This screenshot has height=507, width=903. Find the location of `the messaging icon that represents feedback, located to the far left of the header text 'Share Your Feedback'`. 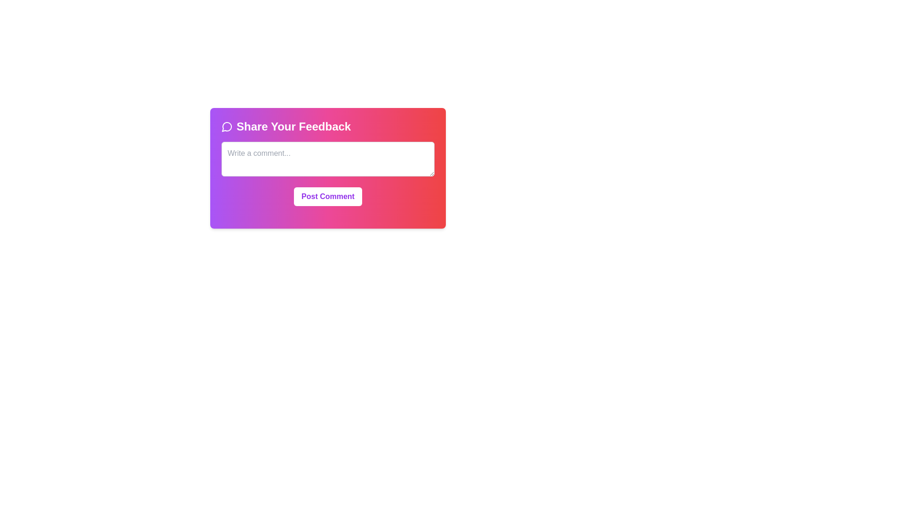

the messaging icon that represents feedback, located to the far left of the header text 'Share Your Feedback' is located at coordinates (227, 127).